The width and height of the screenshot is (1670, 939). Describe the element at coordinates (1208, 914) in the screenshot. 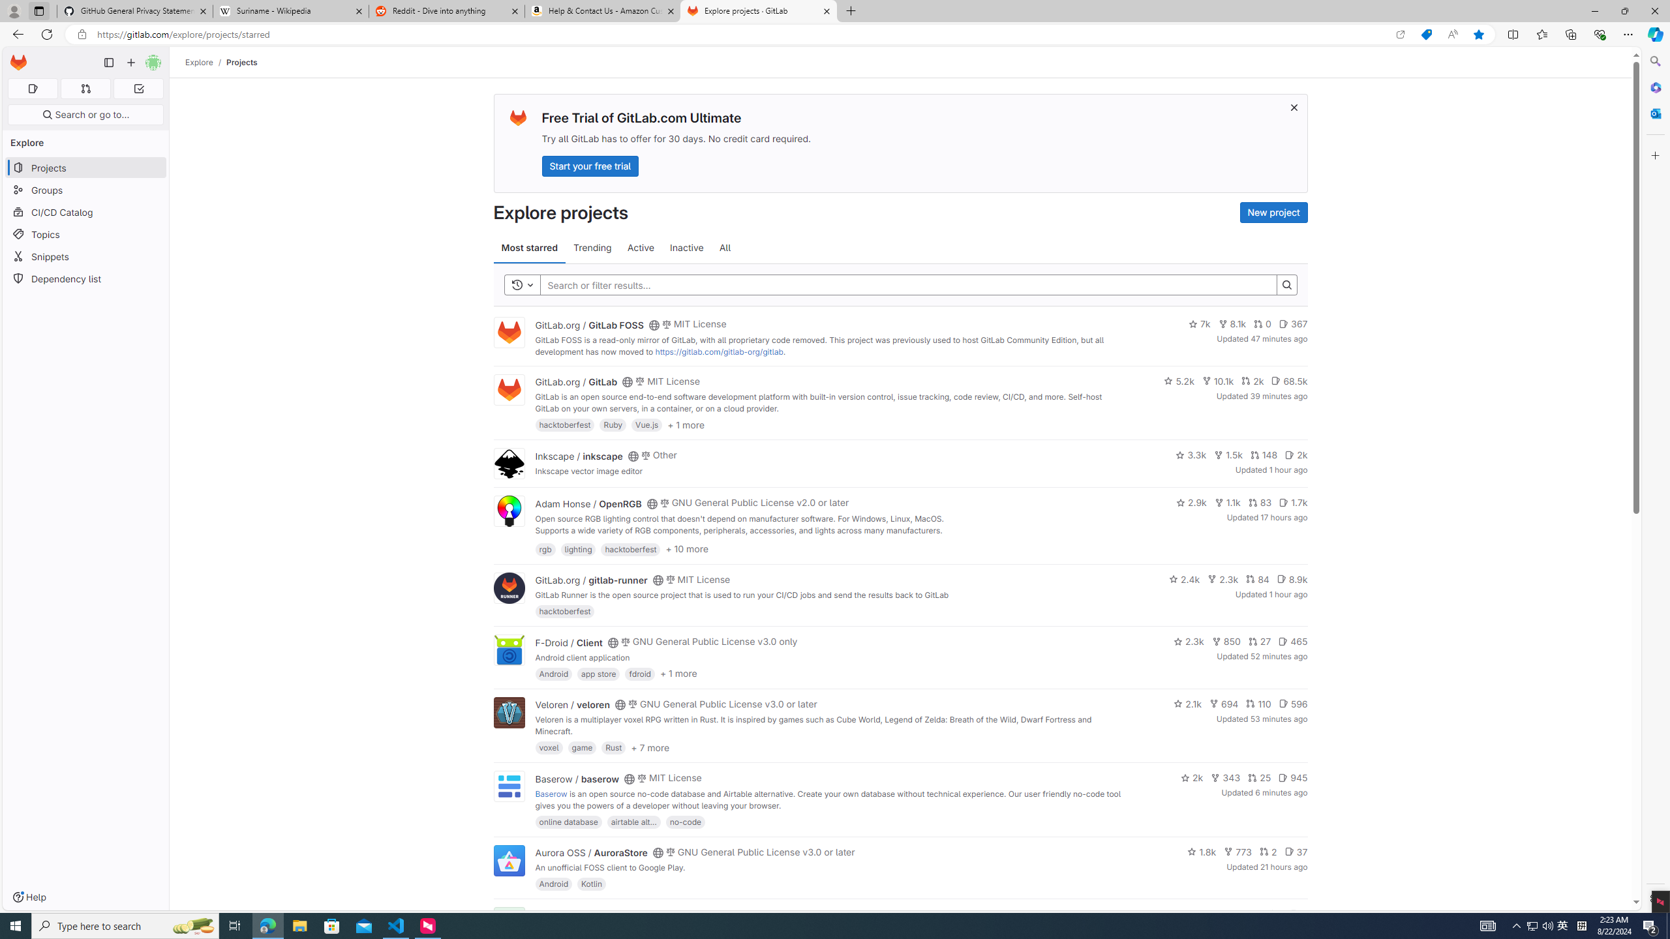

I see `'1.4k'` at that location.